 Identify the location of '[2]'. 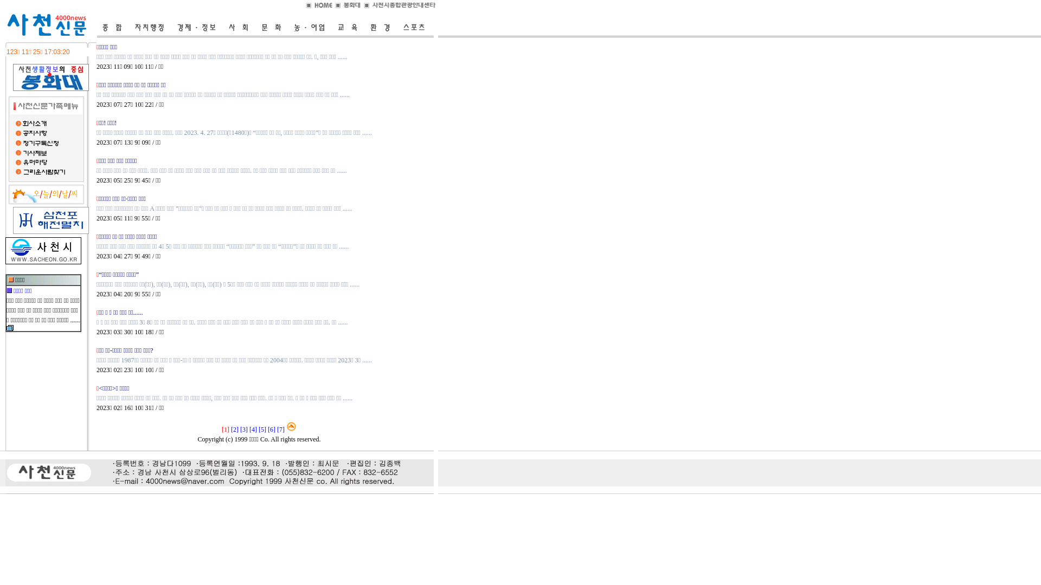
(234, 429).